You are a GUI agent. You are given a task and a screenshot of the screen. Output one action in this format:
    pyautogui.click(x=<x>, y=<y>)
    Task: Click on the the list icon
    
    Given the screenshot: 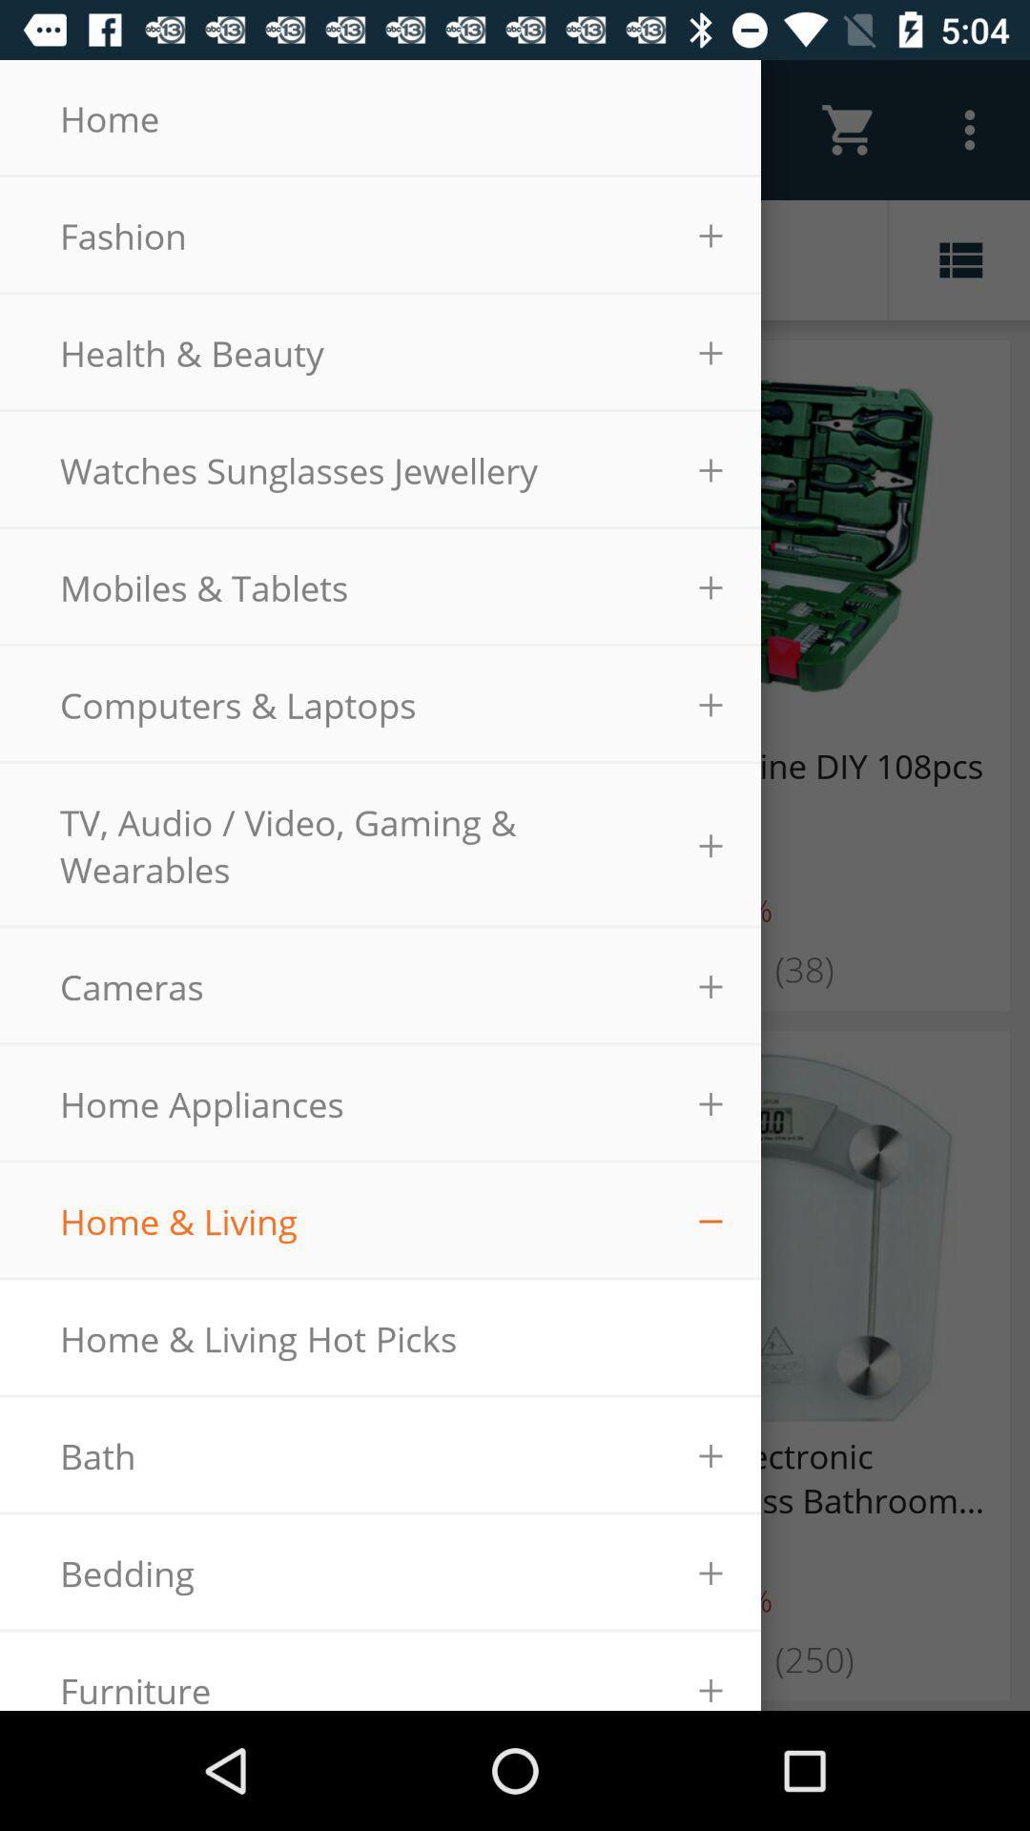 What is the action you would take?
    pyautogui.click(x=959, y=259)
    